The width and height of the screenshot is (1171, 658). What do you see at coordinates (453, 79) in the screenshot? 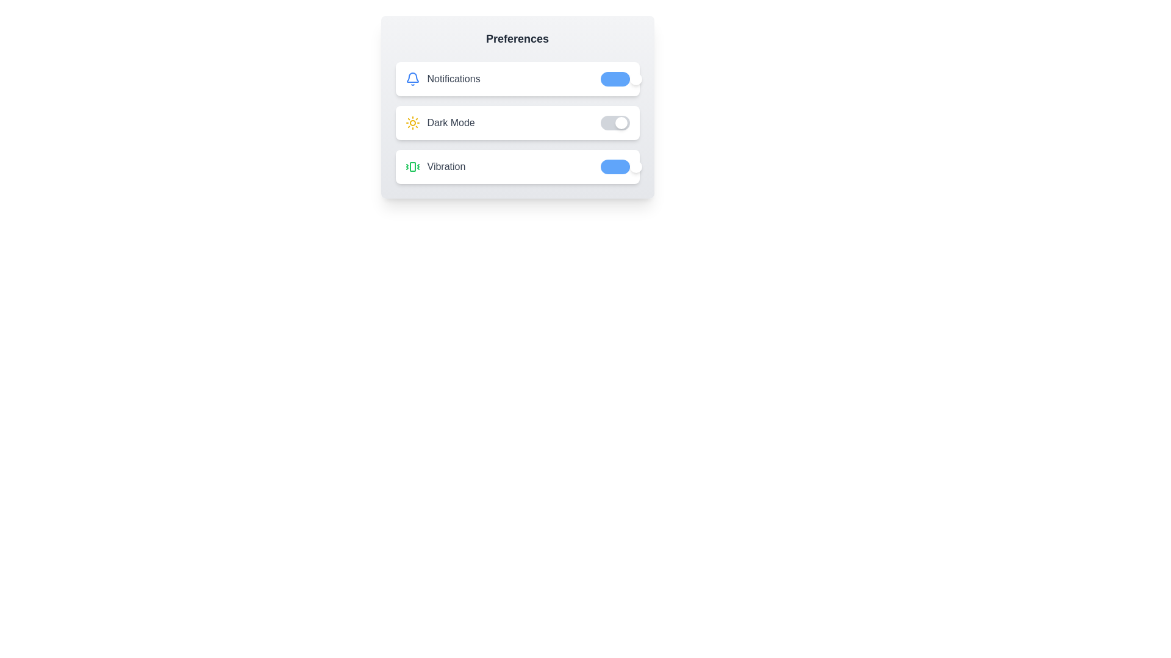
I see `the static text label that describes the purpose of the notification toggle switch, located in the first row of the 'Preferences' list, with a bell icon on its left` at bounding box center [453, 79].